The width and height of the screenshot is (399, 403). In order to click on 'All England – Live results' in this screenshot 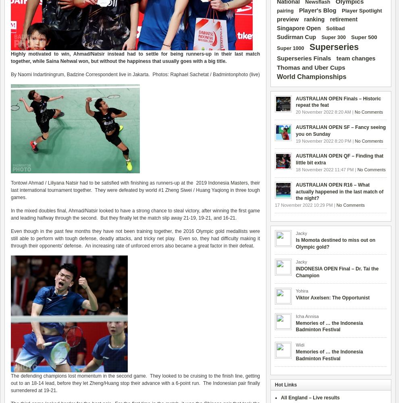, I will do `click(310, 397)`.